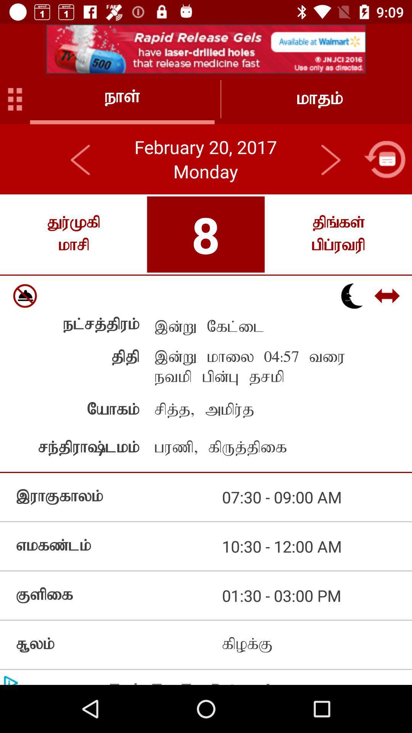 The width and height of the screenshot is (412, 733). Describe the element at coordinates (385, 159) in the screenshot. I see `go back` at that location.